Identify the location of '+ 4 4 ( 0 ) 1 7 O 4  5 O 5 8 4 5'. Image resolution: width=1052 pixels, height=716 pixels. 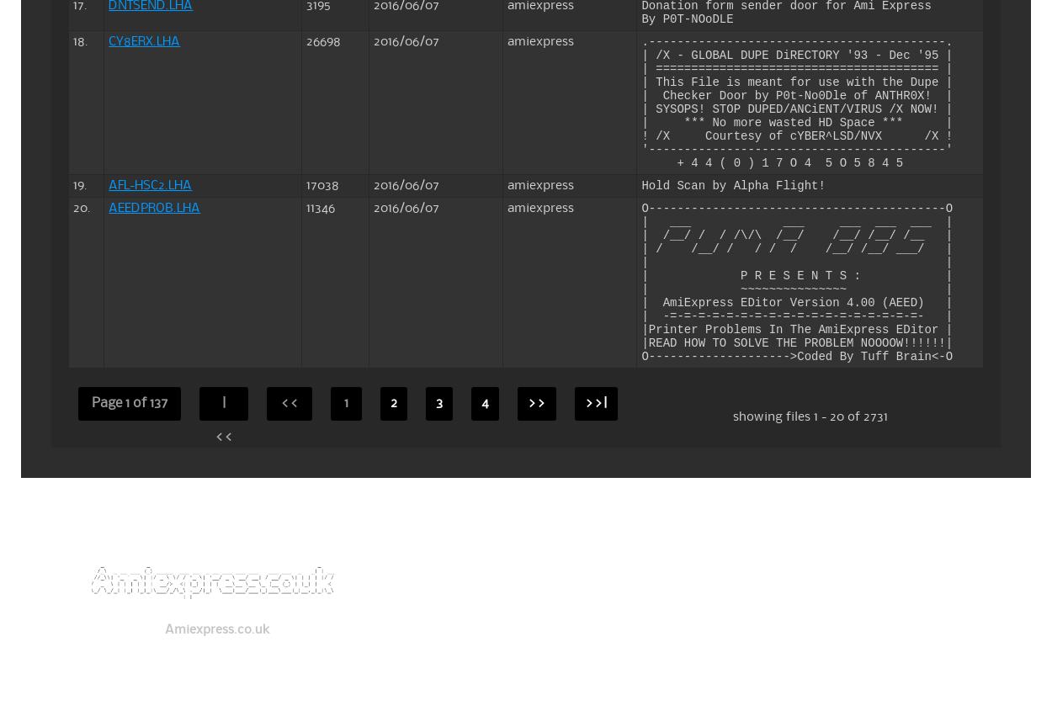
(772, 162).